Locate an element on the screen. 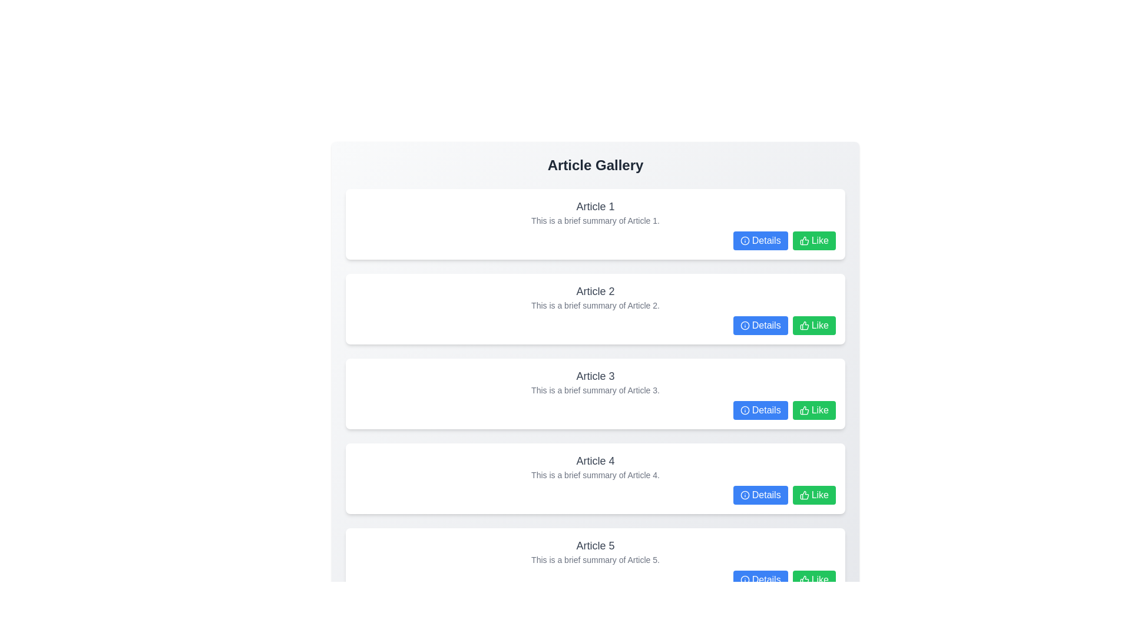  the 'like' button located in the 'Article 1' row of the article list is located at coordinates (813, 240).